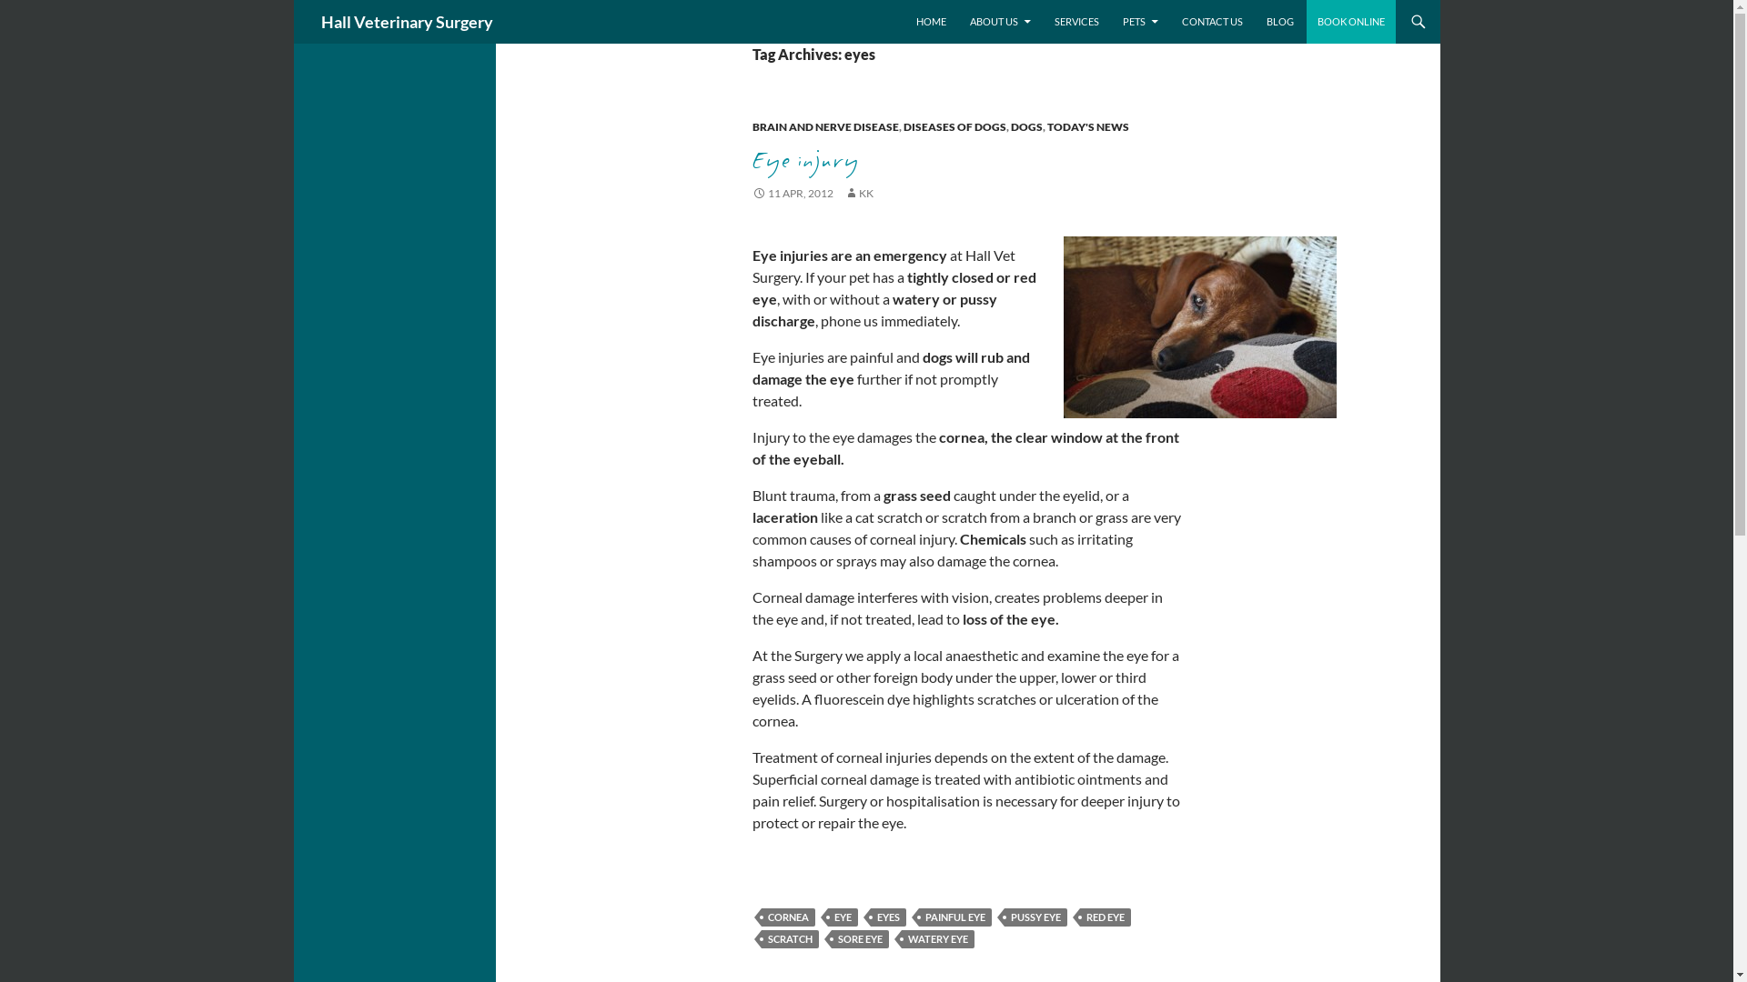 The height and width of the screenshot is (982, 1747). I want to click on 'SERVICES', so click(1075, 21).